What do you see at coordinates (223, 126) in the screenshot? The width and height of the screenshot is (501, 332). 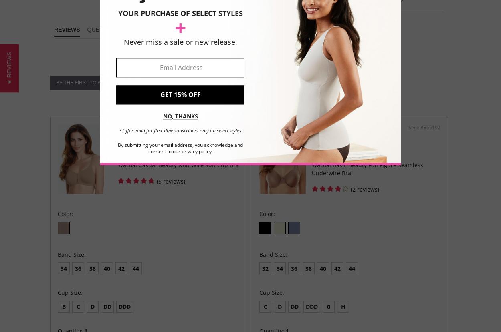 I see `'Style #852247'` at bounding box center [223, 126].